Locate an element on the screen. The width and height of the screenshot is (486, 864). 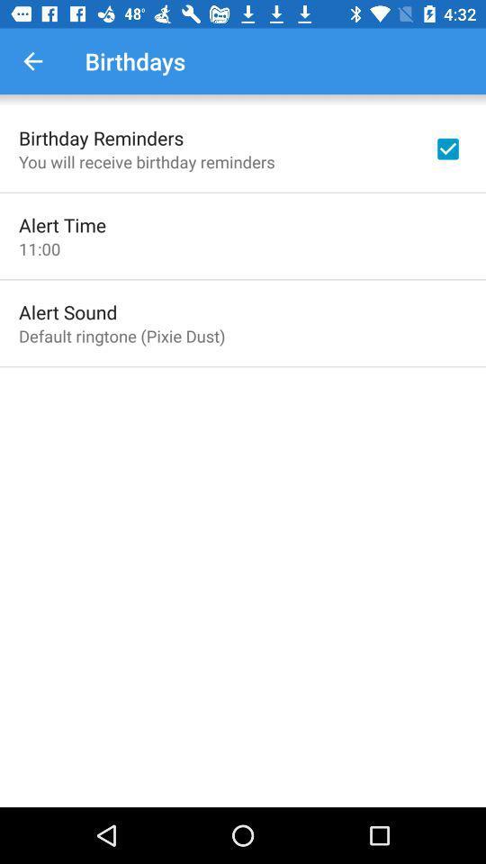
the item above the alert sound icon is located at coordinates (40, 247).